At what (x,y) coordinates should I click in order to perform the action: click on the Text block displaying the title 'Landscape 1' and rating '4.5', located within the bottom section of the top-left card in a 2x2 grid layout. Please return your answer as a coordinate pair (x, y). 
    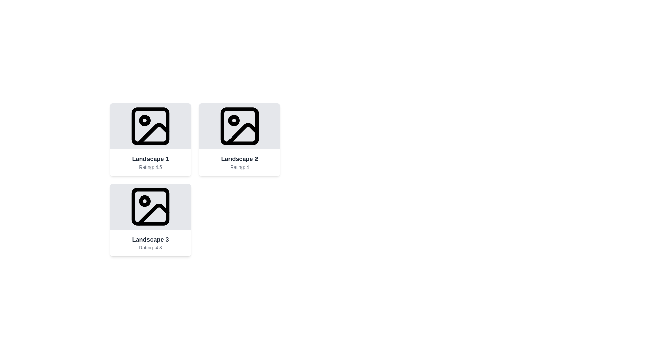
    Looking at the image, I should click on (150, 162).